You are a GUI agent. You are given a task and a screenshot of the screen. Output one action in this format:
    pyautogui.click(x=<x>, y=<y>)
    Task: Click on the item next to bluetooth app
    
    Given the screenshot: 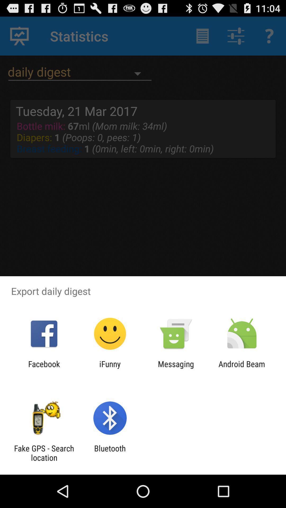 What is the action you would take?
    pyautogui.click(x=44, y=453)
    